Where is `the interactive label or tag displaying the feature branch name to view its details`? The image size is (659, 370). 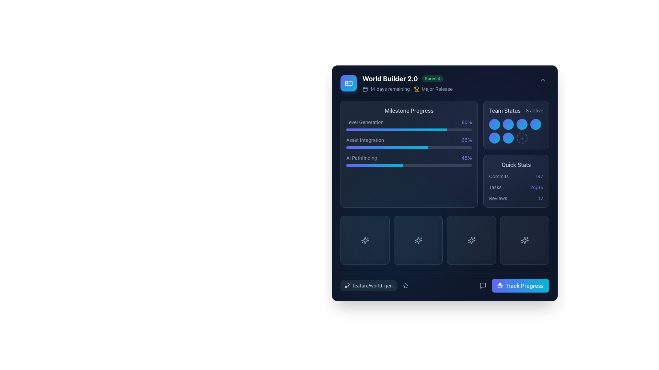 the interactive label or tag displaying the feature branch name to view its details is located at coordinates (375, 285).